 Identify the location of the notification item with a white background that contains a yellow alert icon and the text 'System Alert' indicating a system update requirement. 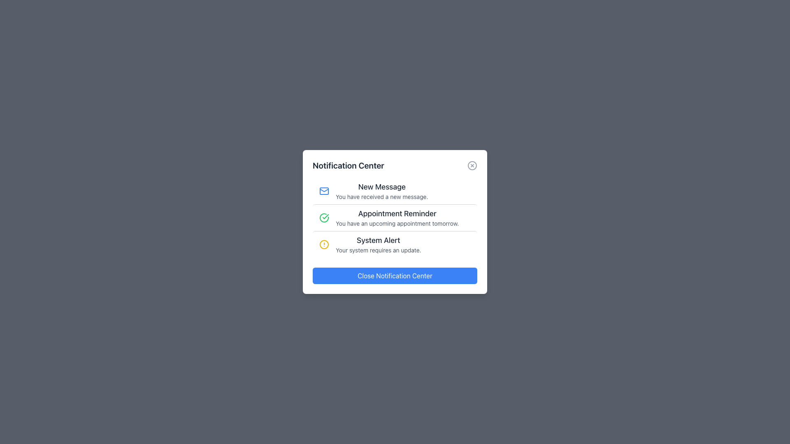
(395, 244).